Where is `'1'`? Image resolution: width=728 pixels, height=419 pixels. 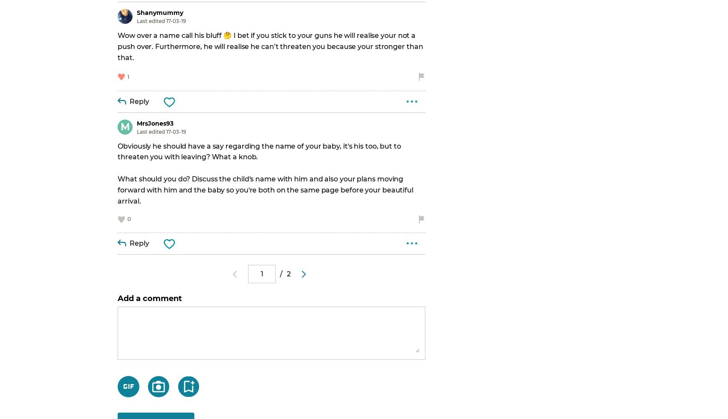 '1' is located at coordinates (127, 76).